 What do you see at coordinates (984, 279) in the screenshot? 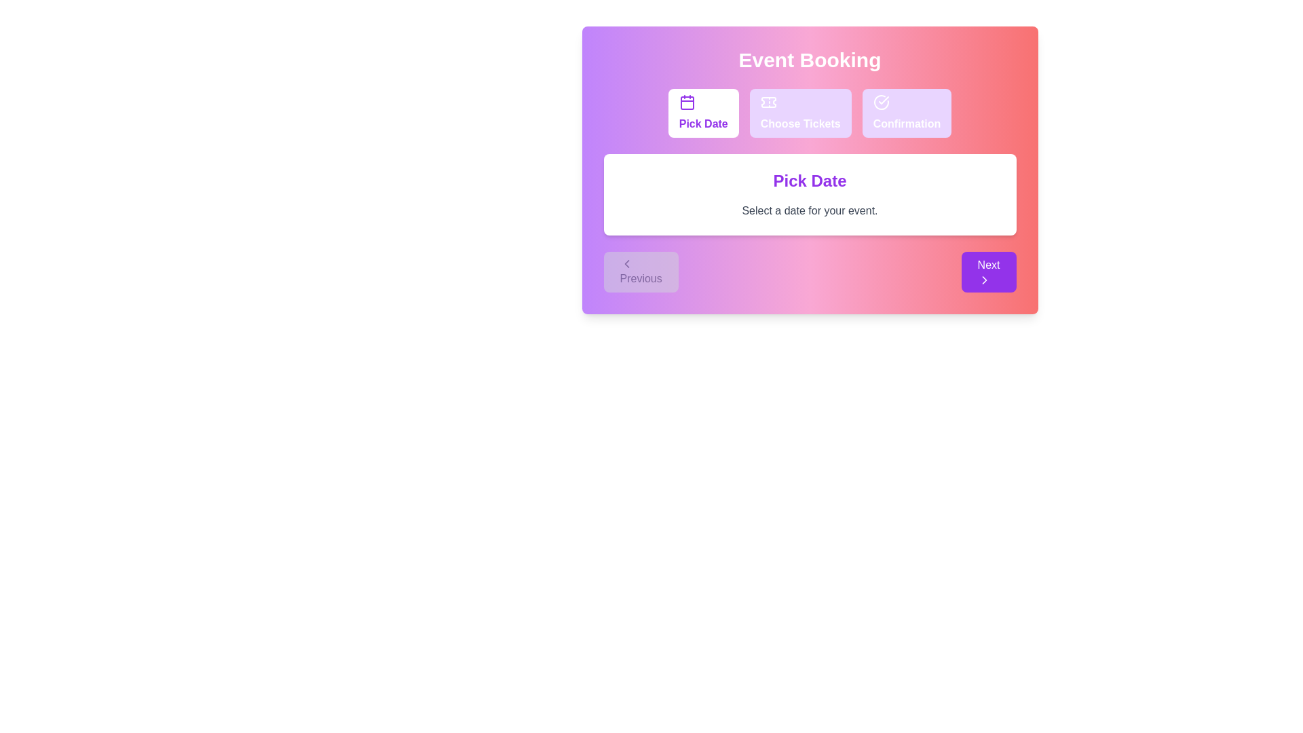
I see `the right-pointing chevron icon within the 'Next' button located at the bottom-right corner of the interface` at bounding box center [984, 279].